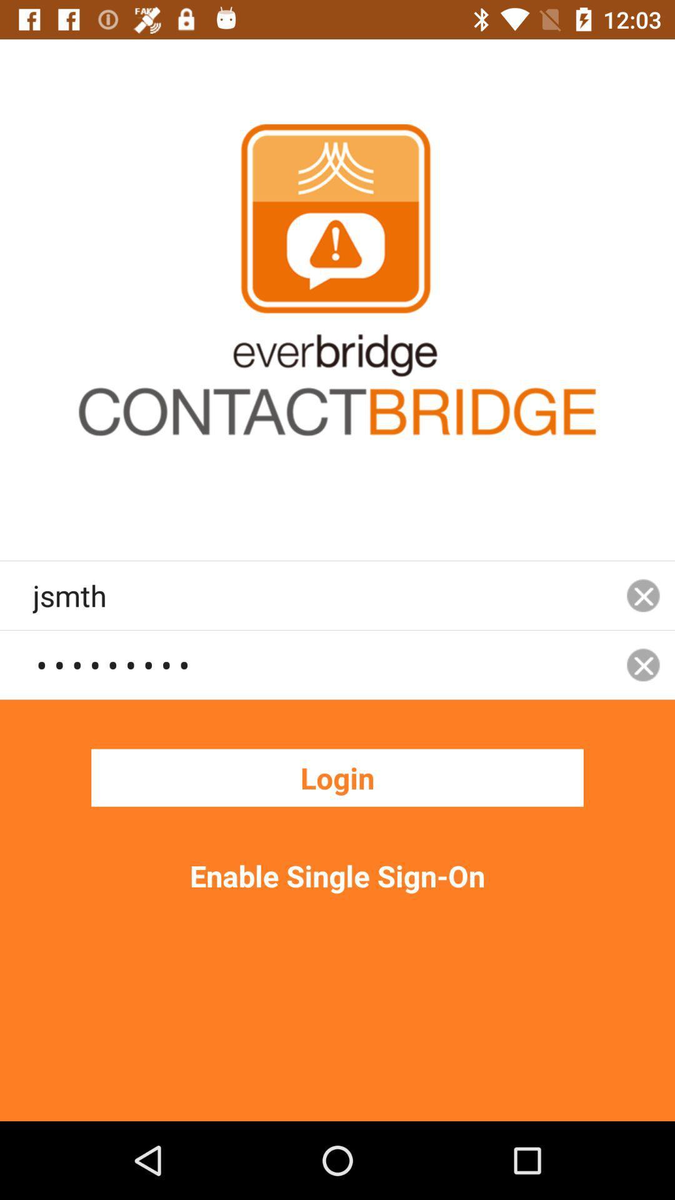 The width and height of the screenshot is (675, 1200). Describe the element at coordinates (337, 875) in the screenshot. I see `enable single sign icon` at that location.